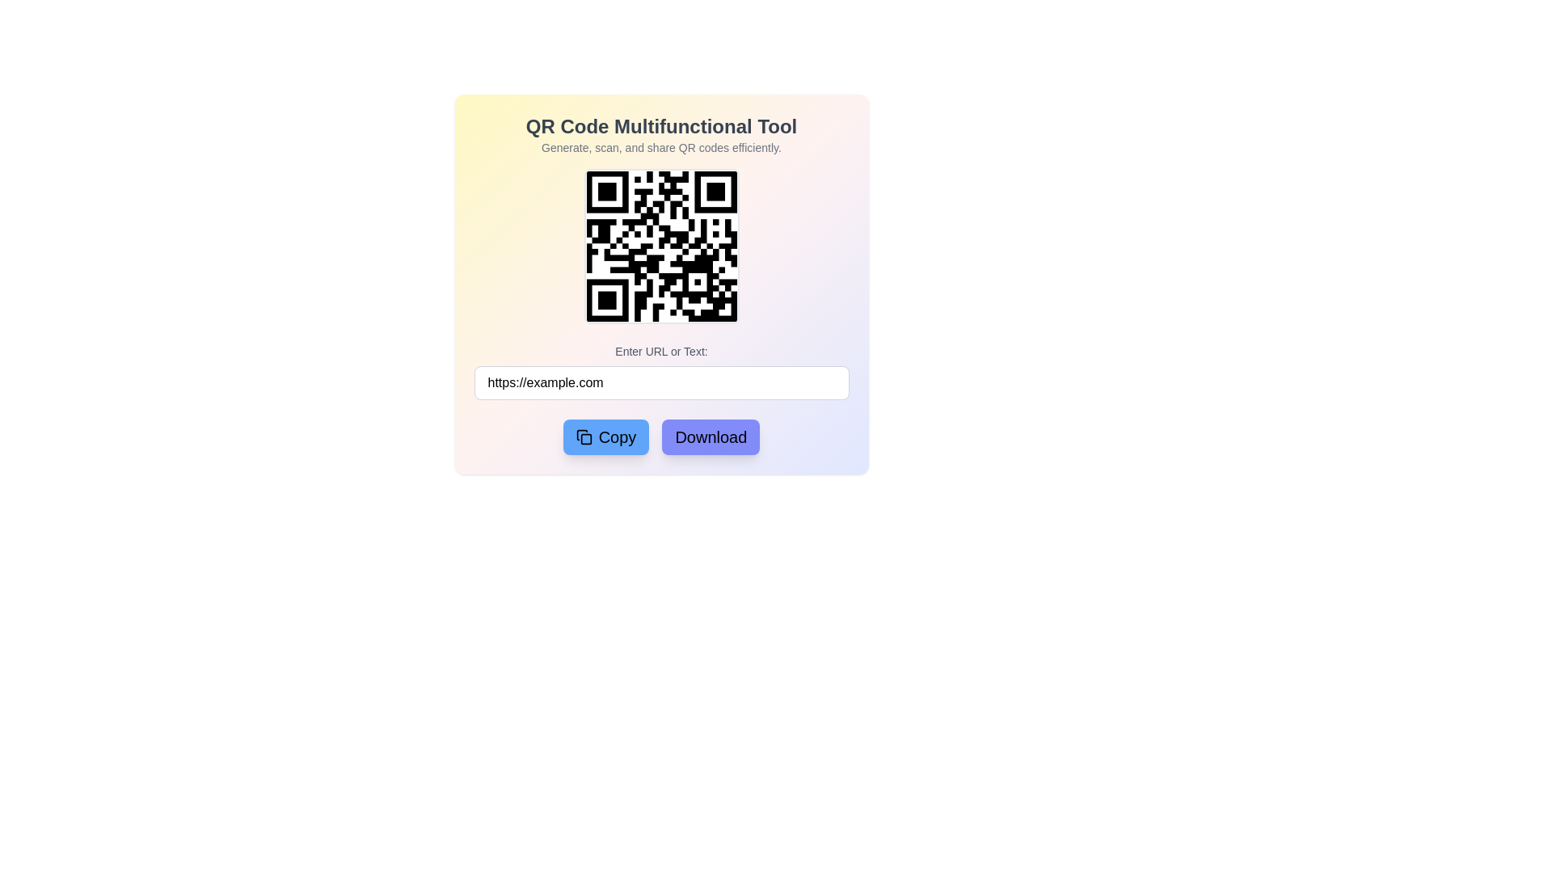 The height and width of the screenshot is (873, 1552). What do you see at coordinates (711, 436) in the screenshot?
I see `text from the 'Download' button which is a bold text label with an indigo background and rounded corners, positioned at the bottom-center of the interface` at bounding box center [711, 436].